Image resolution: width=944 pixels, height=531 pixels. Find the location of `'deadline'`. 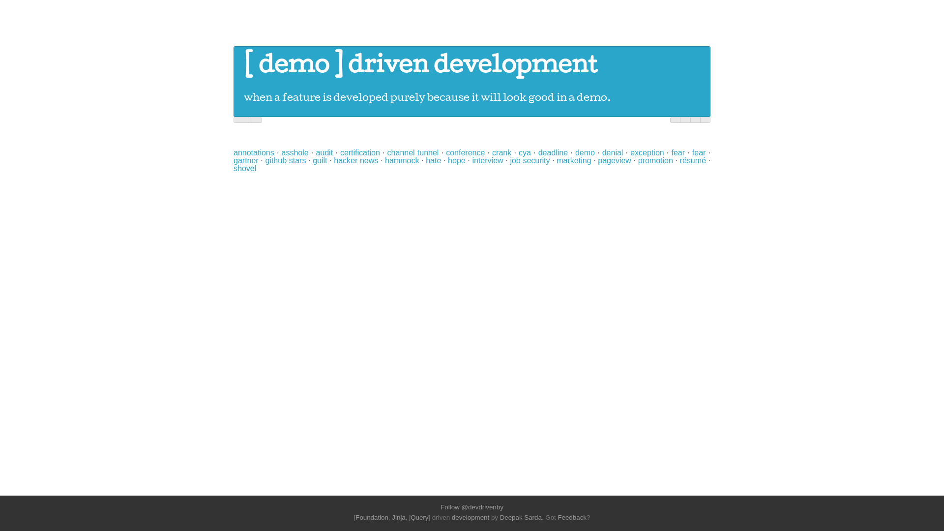

'deadline' is located at coordinates (553, 152).